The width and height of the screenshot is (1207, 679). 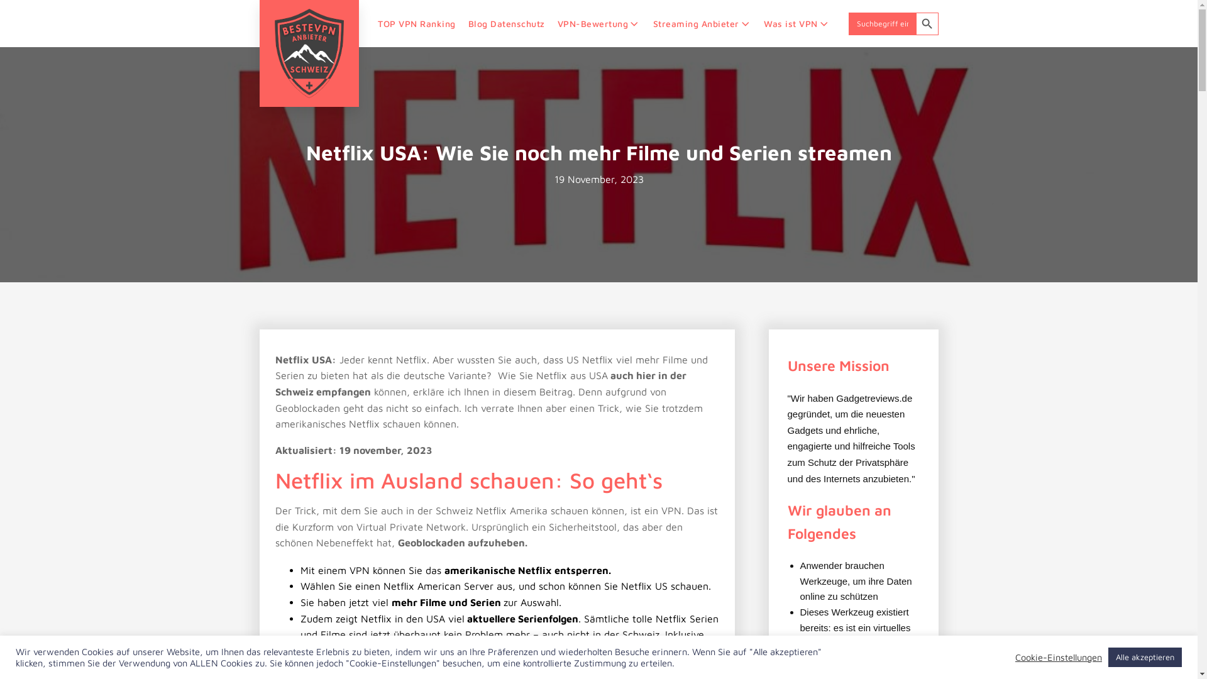 What do you see at coordinates (1058, 656) in the screenshot?
I see `'Cookie-Einstellungen'` at bounding box center [1058, 656].